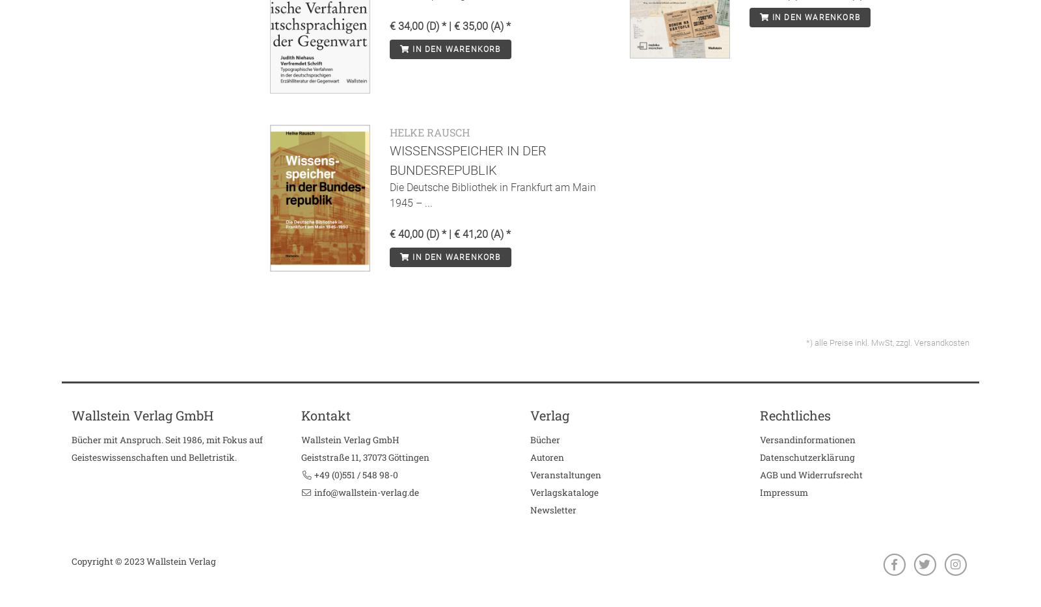  I want to click on 'Datenschutzerklärung', so click(806, 457).